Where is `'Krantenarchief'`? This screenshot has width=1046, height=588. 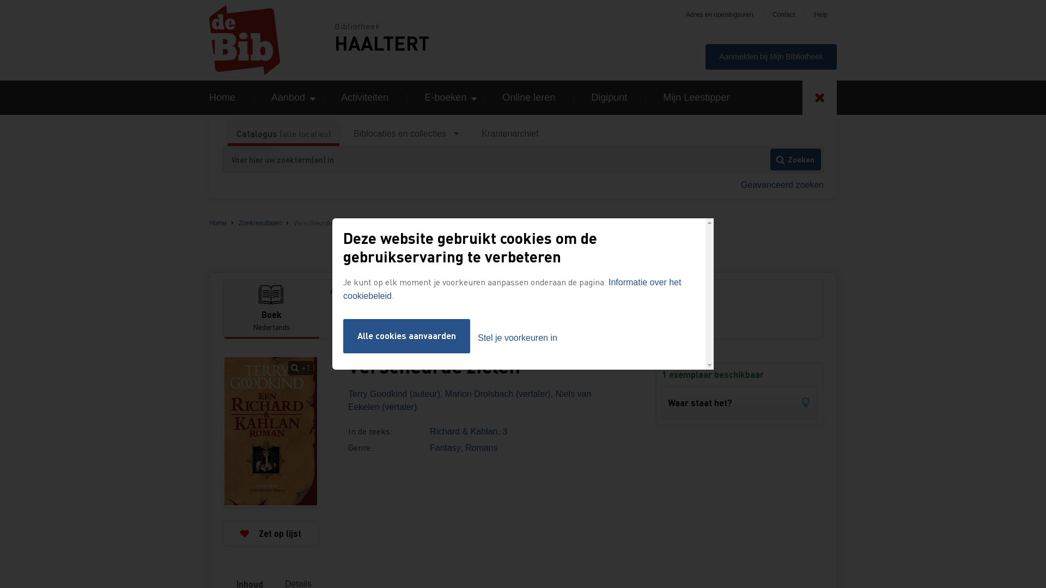
'Krantenarchief' is located at coordinates (509, 133).